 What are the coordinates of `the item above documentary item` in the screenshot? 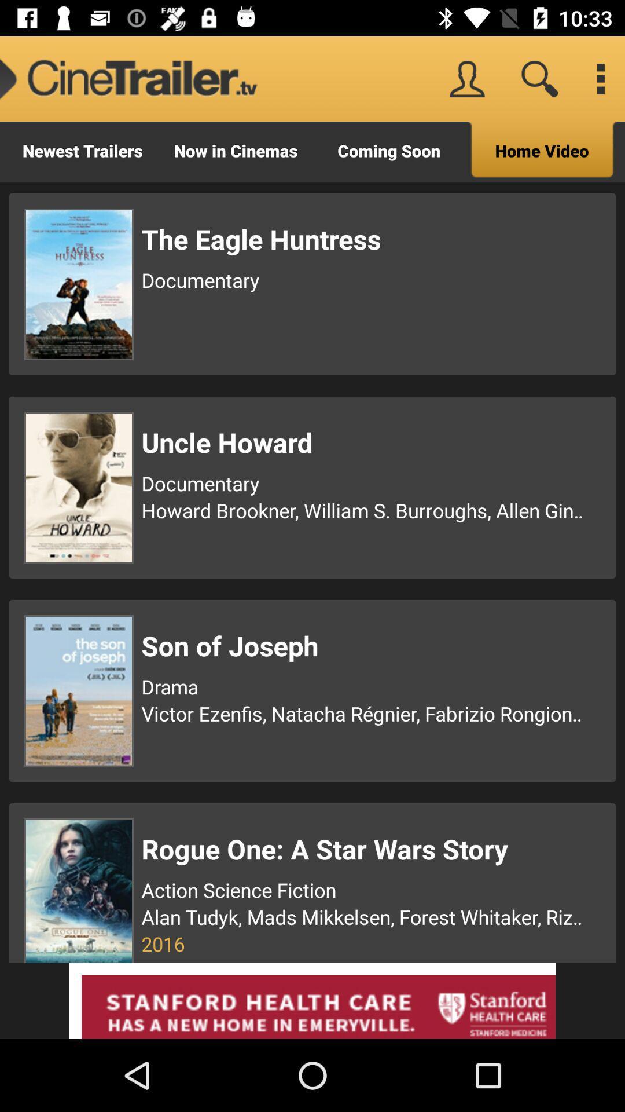 It's located at (363, 238).